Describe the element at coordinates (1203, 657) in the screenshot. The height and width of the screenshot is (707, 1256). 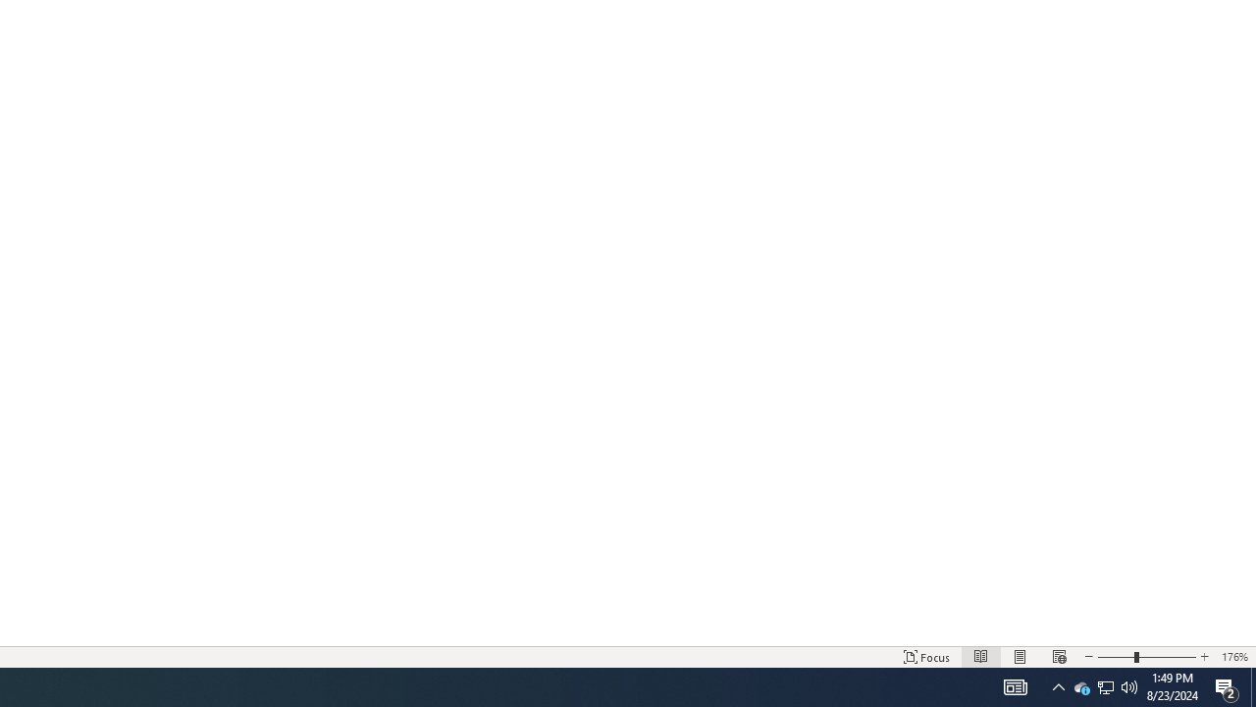
I see `'Increase Text Size'` at that location.